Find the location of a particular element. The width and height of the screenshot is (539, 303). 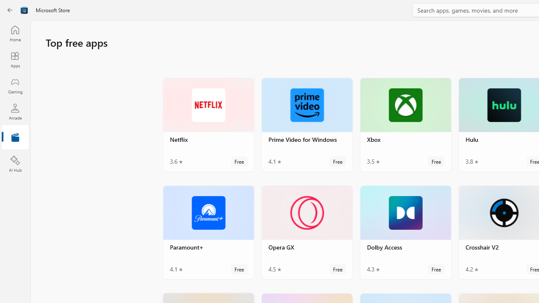

'Paramount+. Average rating of 4.1 out of five stars. Free  ' is located at coordinates (208, 232).